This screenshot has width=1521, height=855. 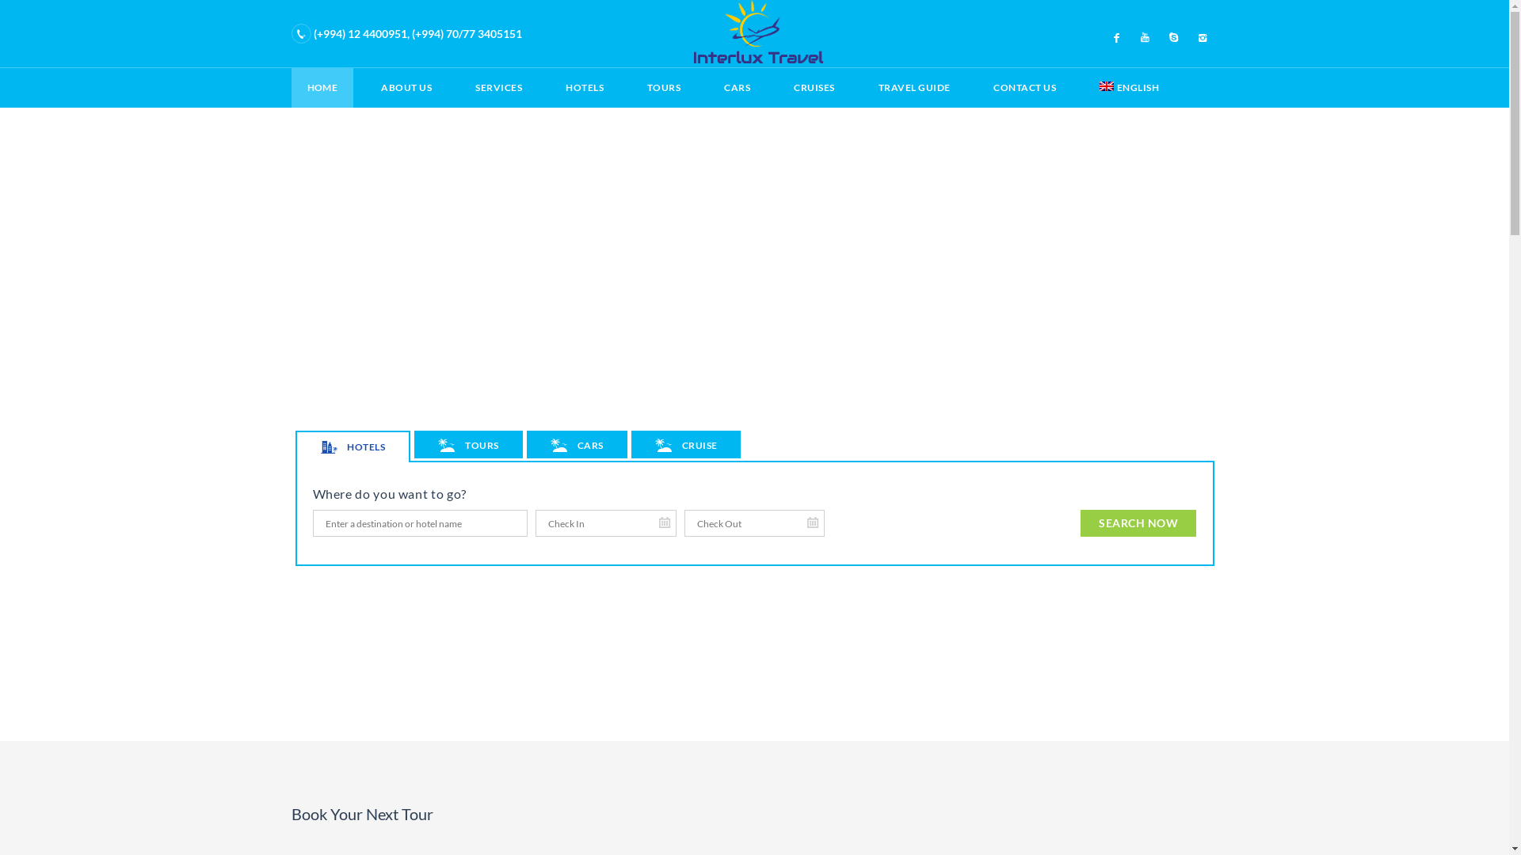 I want to click on 'ABOUT US', so click(x=406, y=88).